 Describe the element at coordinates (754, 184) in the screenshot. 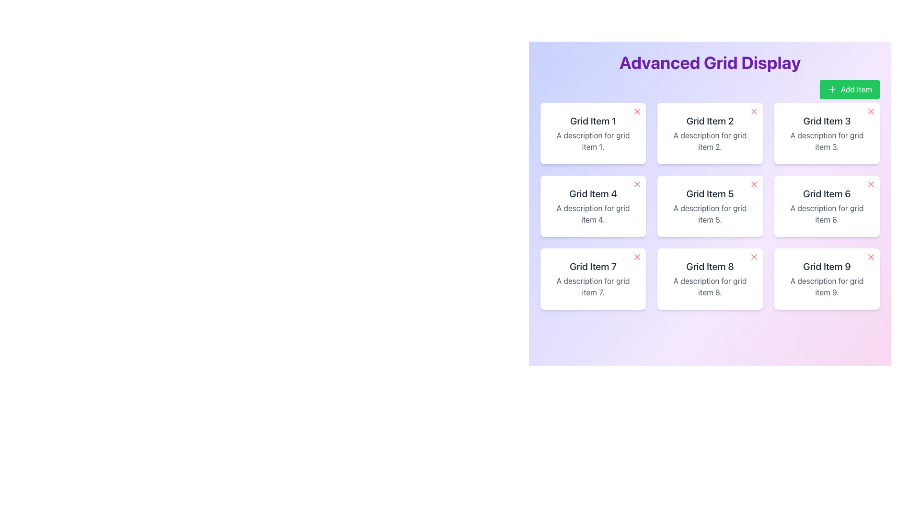

I see `the red 'X' icon located in the top-right corner of 'Grid Item 5'` at that location.